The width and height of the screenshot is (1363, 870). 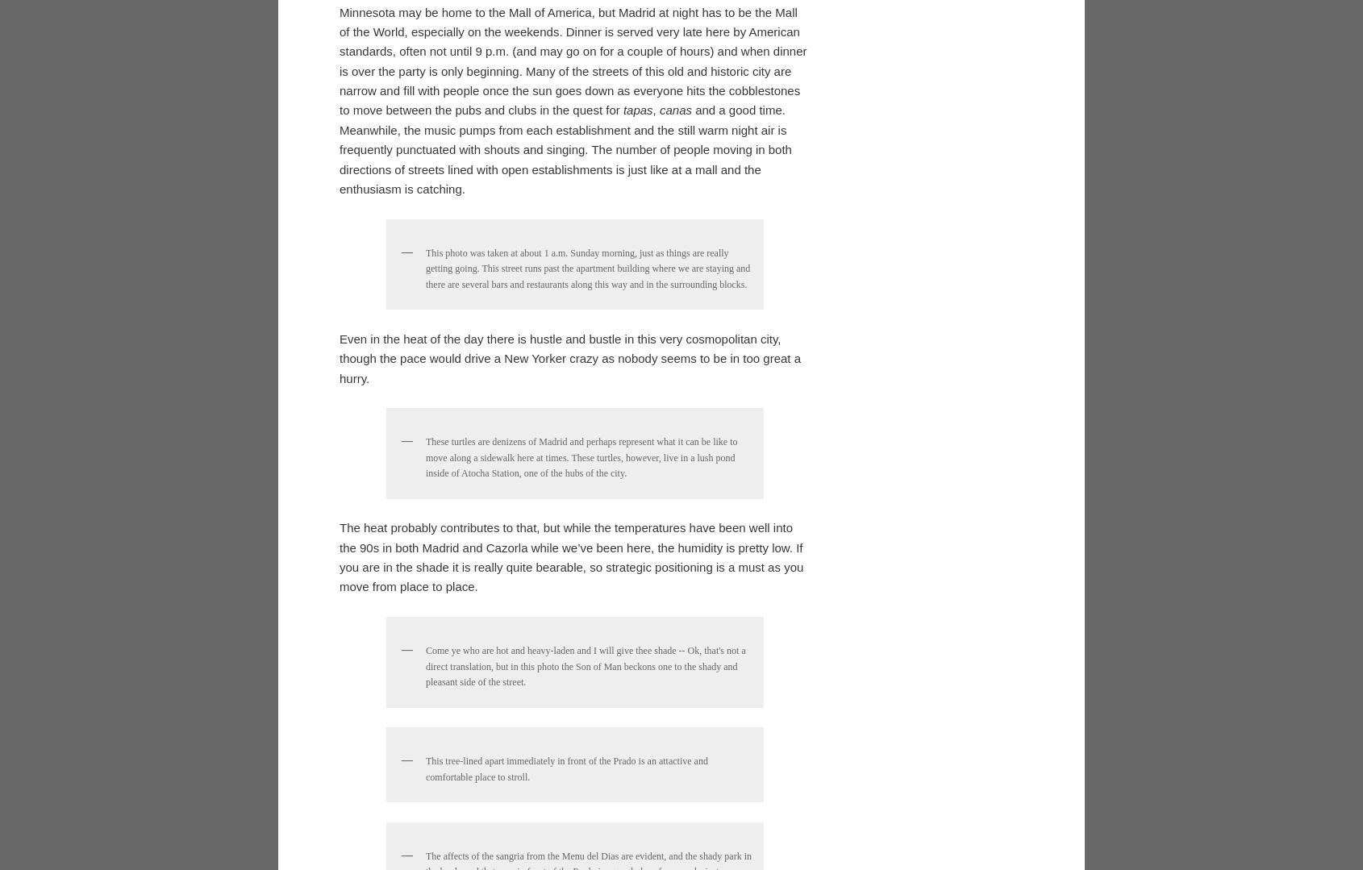 I want to click on 'Posted in', so click(x=359, y=343).